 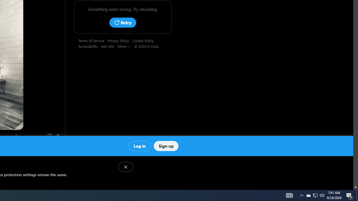 I want to click on 'Retry', so click(x=122, y=22).